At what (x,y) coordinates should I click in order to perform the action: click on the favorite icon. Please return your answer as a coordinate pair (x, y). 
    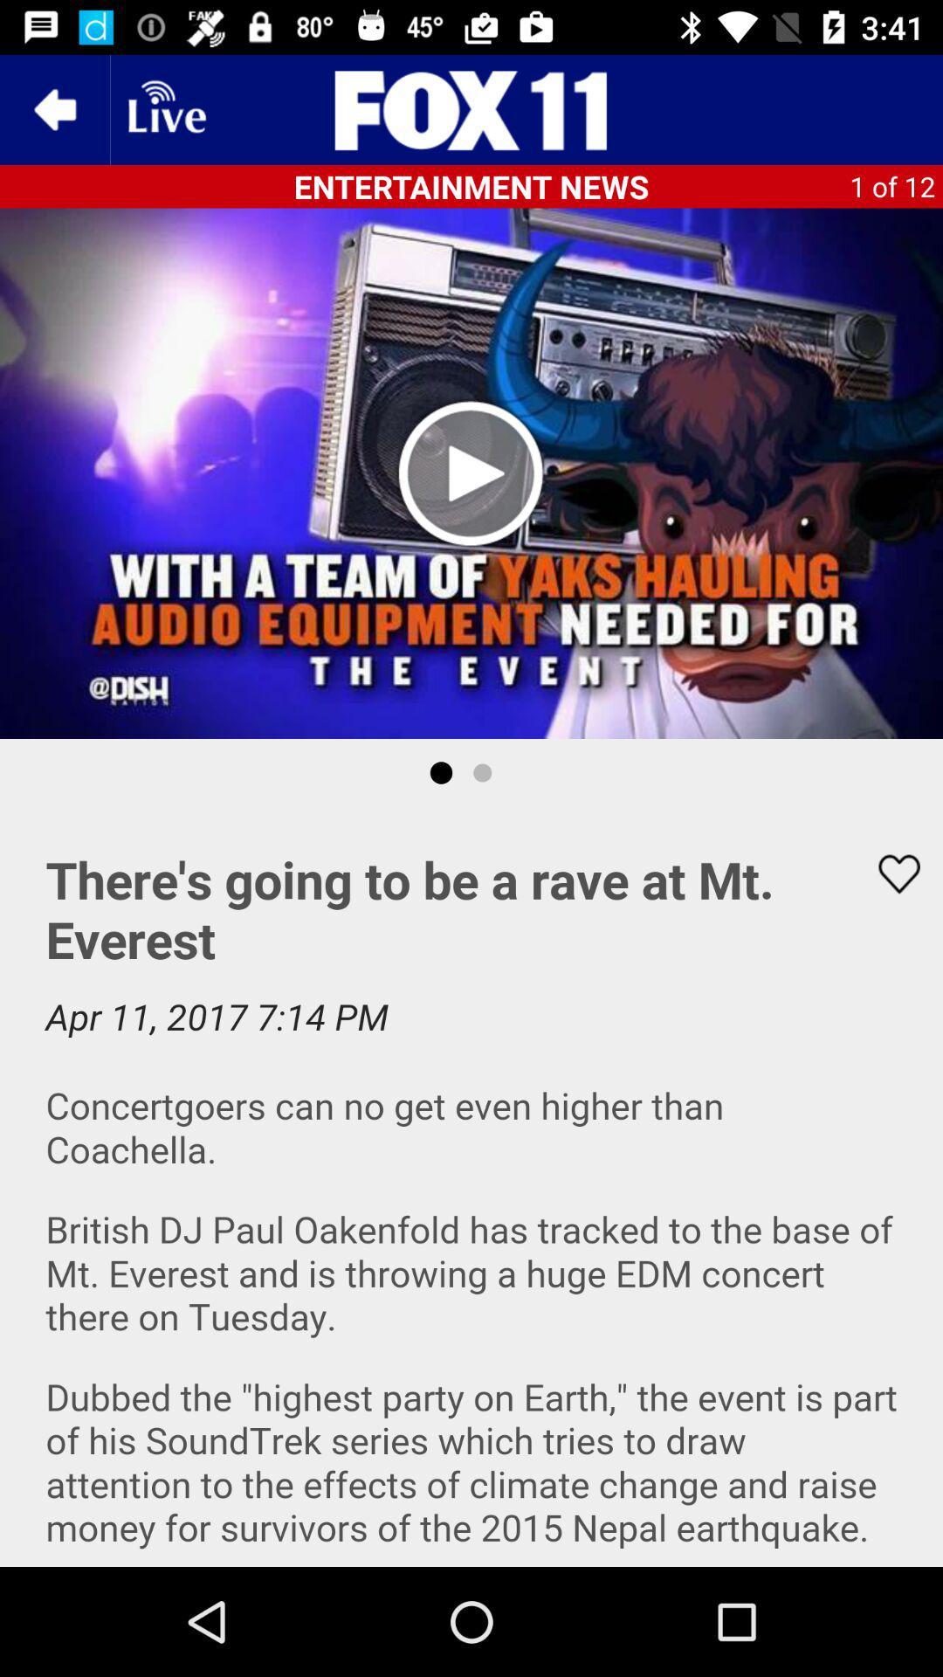
    Looking at the image, I should click on (888, 873).